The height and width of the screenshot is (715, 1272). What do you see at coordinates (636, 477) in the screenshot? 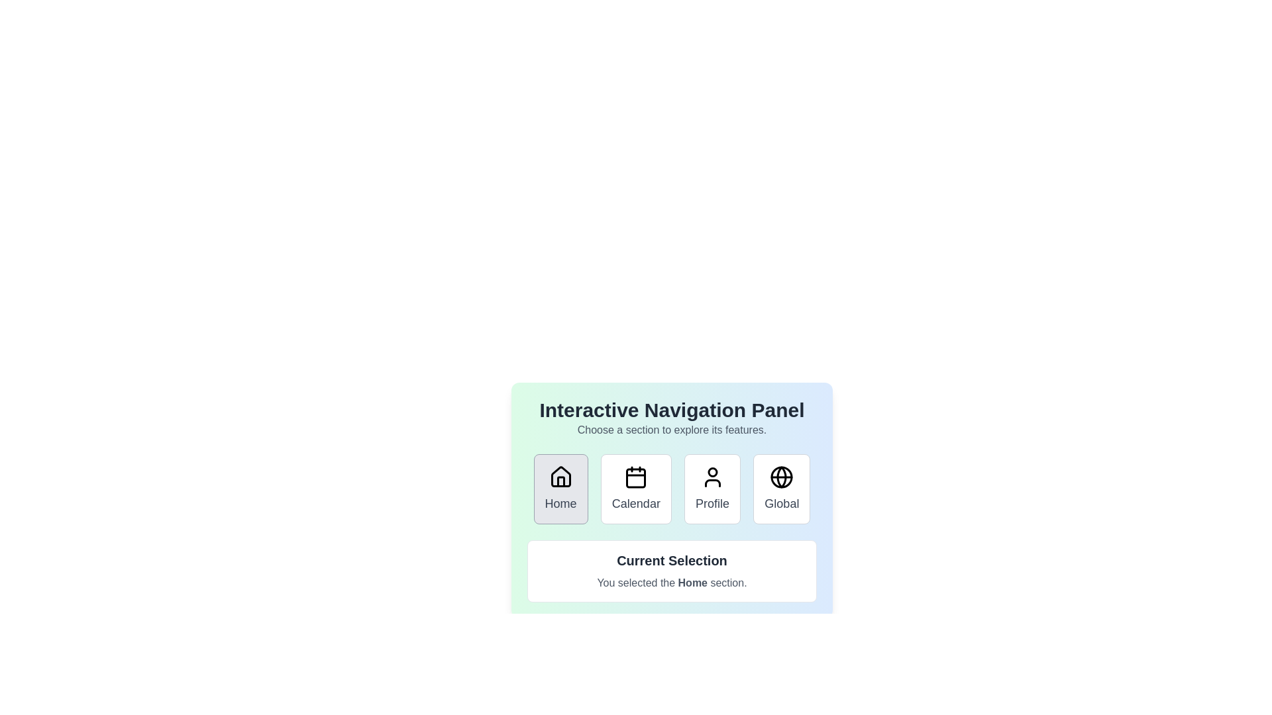
I see `the calendar icon located in the second button of the horizontal navigation bar, which is centered beneath the 'Interactive Navigation Panel' section header` at bounding box center [636, 477].